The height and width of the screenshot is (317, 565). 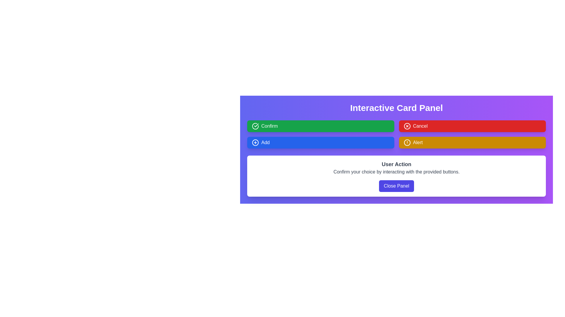 What do you see at coordinates (320, 126) in the screenshot?
I see `the confirmation button, which is the first button in the top row of the grid layout, to initiate a confirmation action` at bounding box center [320, 126].